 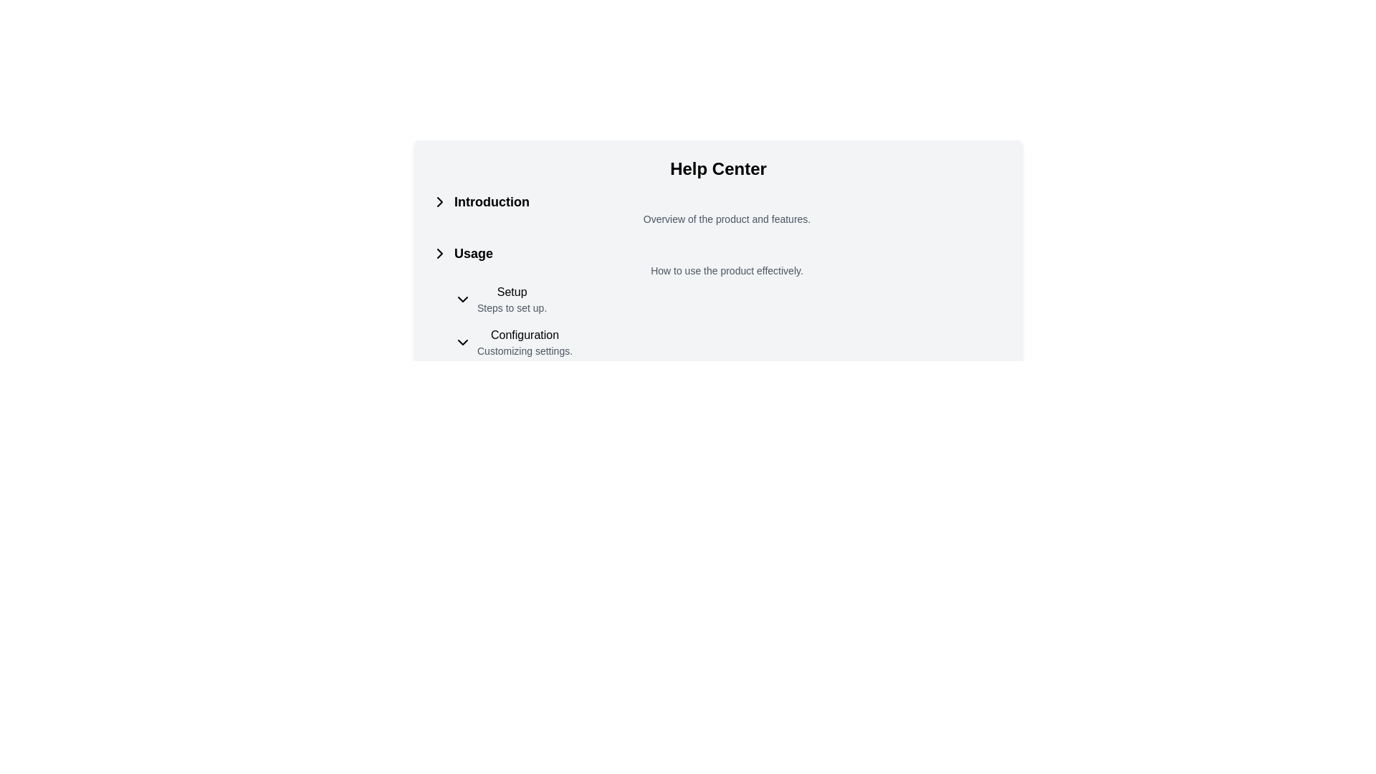 I want to click on the Information block located under the 'Usage' section, which contains 'Setup' and 'Configuration' steps, so click(x=730, y=320).